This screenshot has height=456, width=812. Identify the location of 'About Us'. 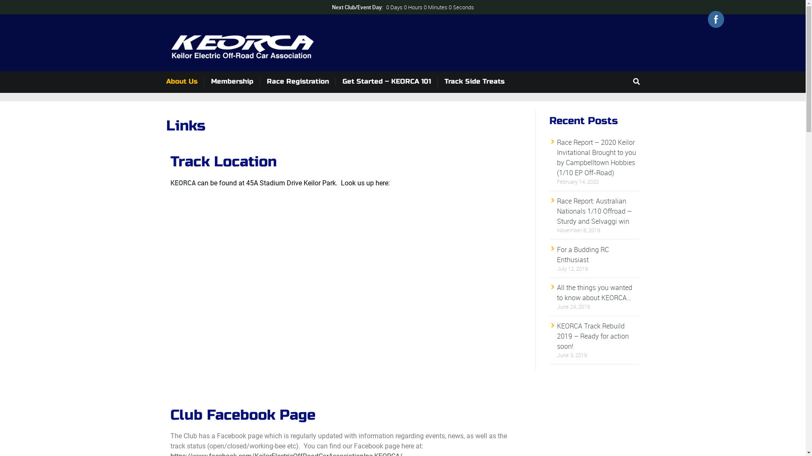
(184, 82).